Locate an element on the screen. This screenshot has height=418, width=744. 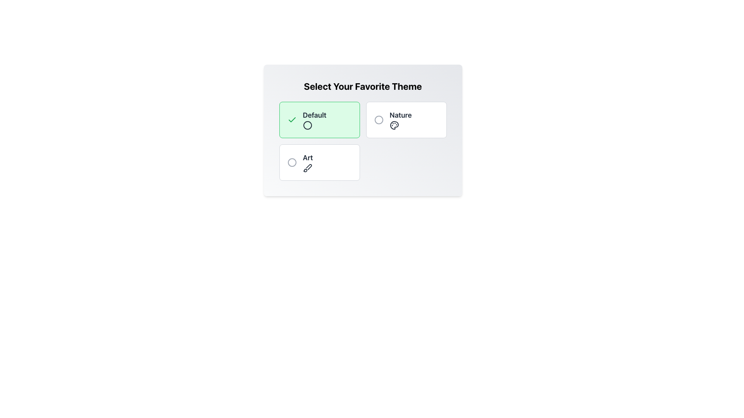
the light green rectangular box containing the 'Default' text label is located at coordinates (314, 115).